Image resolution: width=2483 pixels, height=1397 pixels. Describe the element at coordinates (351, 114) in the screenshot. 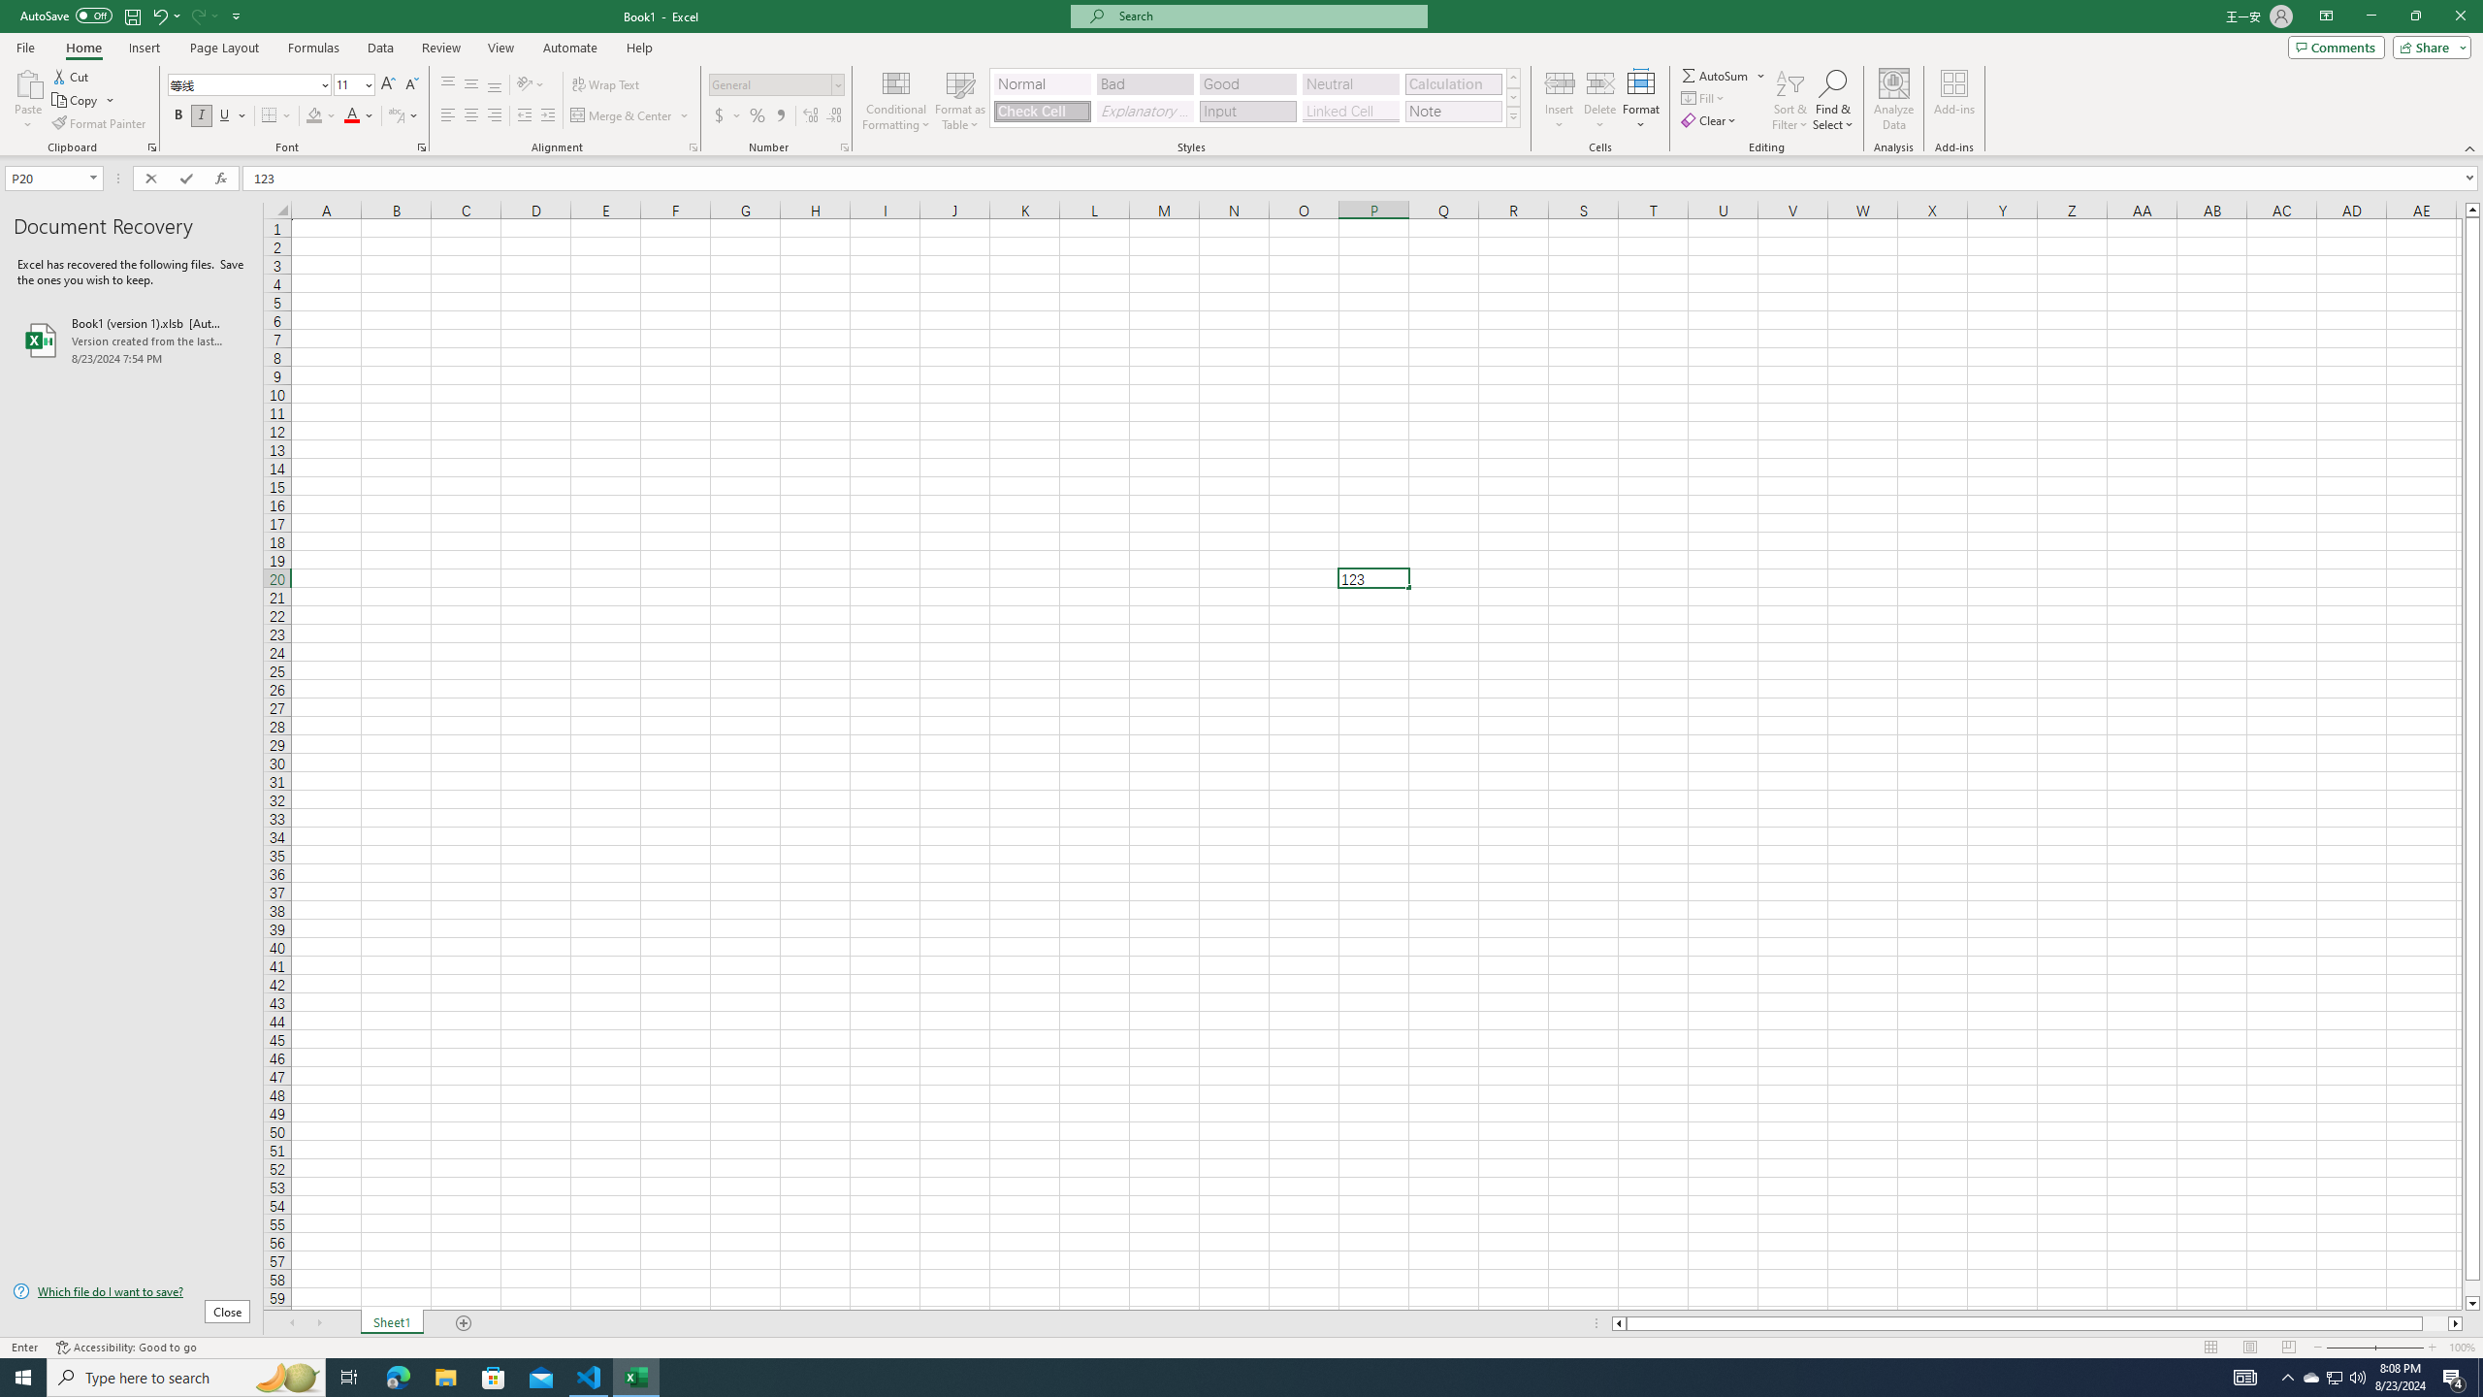

I see `'Font Color RGB(255, 0, 0)'` at that location.